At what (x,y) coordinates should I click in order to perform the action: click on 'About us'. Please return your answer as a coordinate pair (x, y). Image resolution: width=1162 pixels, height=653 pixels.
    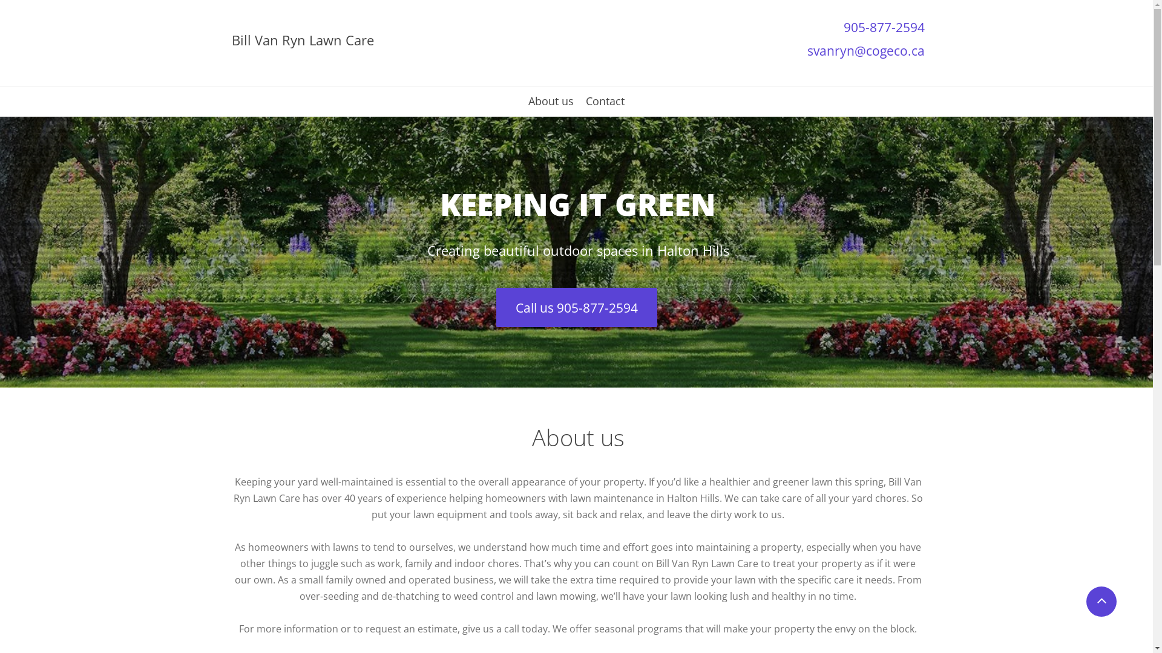
    Looking at the image, I should click on (550, 105).